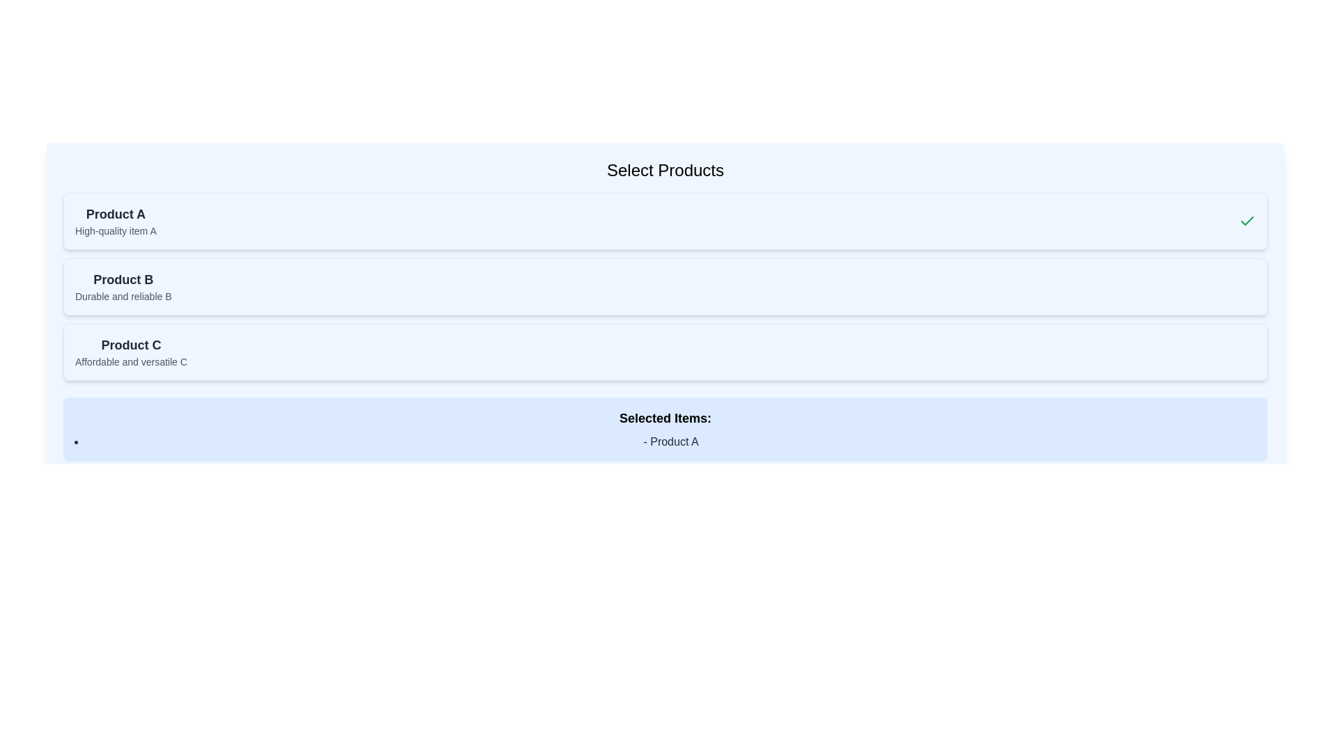 This screenshot has height=752, width=1338. Describe the element at coordinates (123, 279) in the screenshot. I see `the Text header that indicates the title of Product B` at that location.